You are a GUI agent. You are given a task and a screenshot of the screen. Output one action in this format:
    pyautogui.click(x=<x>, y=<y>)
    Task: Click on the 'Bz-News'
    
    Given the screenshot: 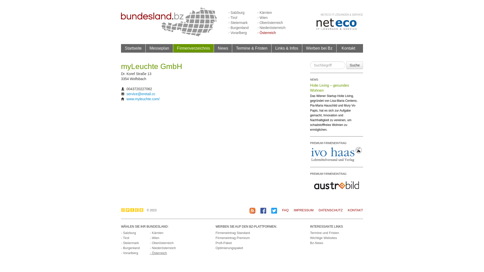 What is the action you would take?
    pyautogui.click(x=316, y=242)
    